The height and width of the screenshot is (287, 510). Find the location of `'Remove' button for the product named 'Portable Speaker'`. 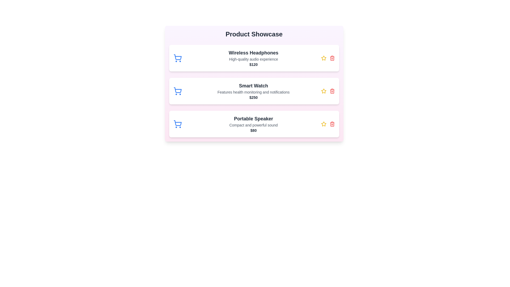

'Remove' button for the product named 'Portable Speaker' is located at coordinates (332, 124).